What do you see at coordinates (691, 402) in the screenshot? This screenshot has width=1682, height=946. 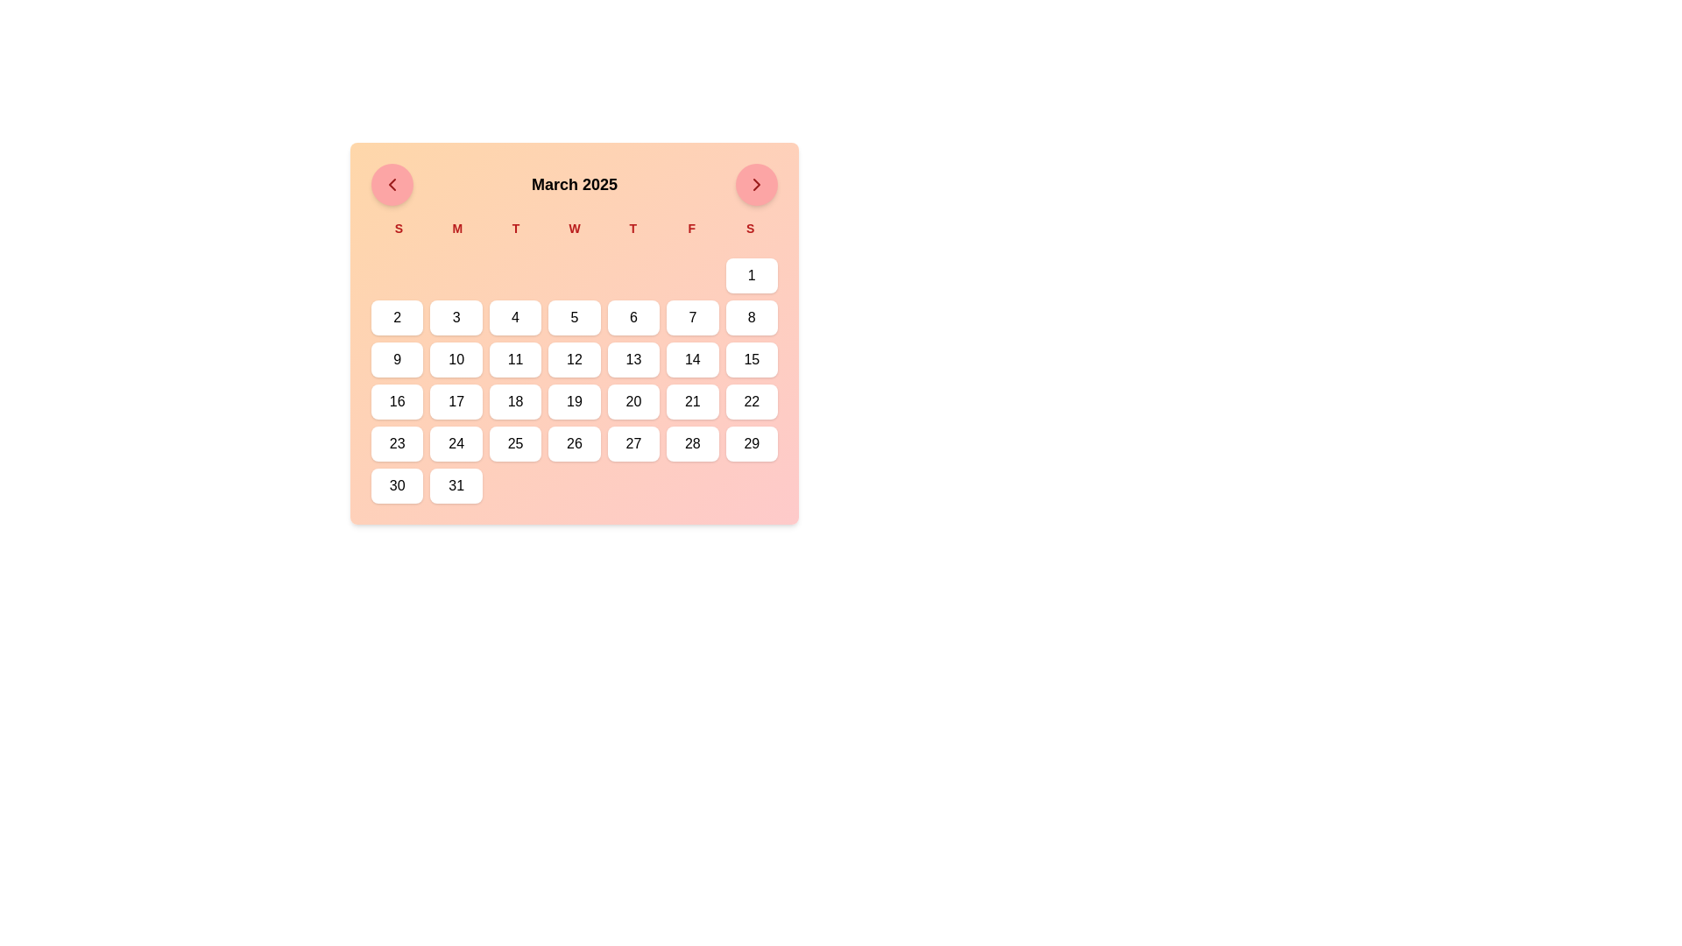 I see `the button representing the 21st day of the month in the calendar component` at bounding box center [691, 402].